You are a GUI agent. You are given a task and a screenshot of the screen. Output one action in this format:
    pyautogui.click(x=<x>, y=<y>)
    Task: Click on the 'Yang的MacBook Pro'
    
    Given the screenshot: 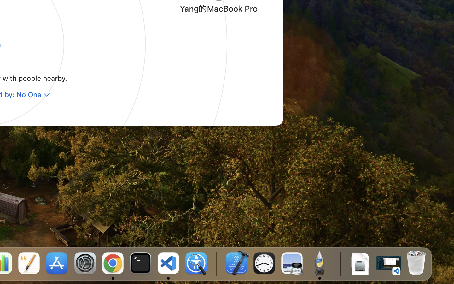 What is the action you would take?
    pyautogui.click(x=218, y=8)
    